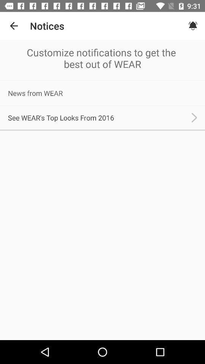 The image size is (205, 364). I want to click on the icon next to the notices icon, so click(193, 26).